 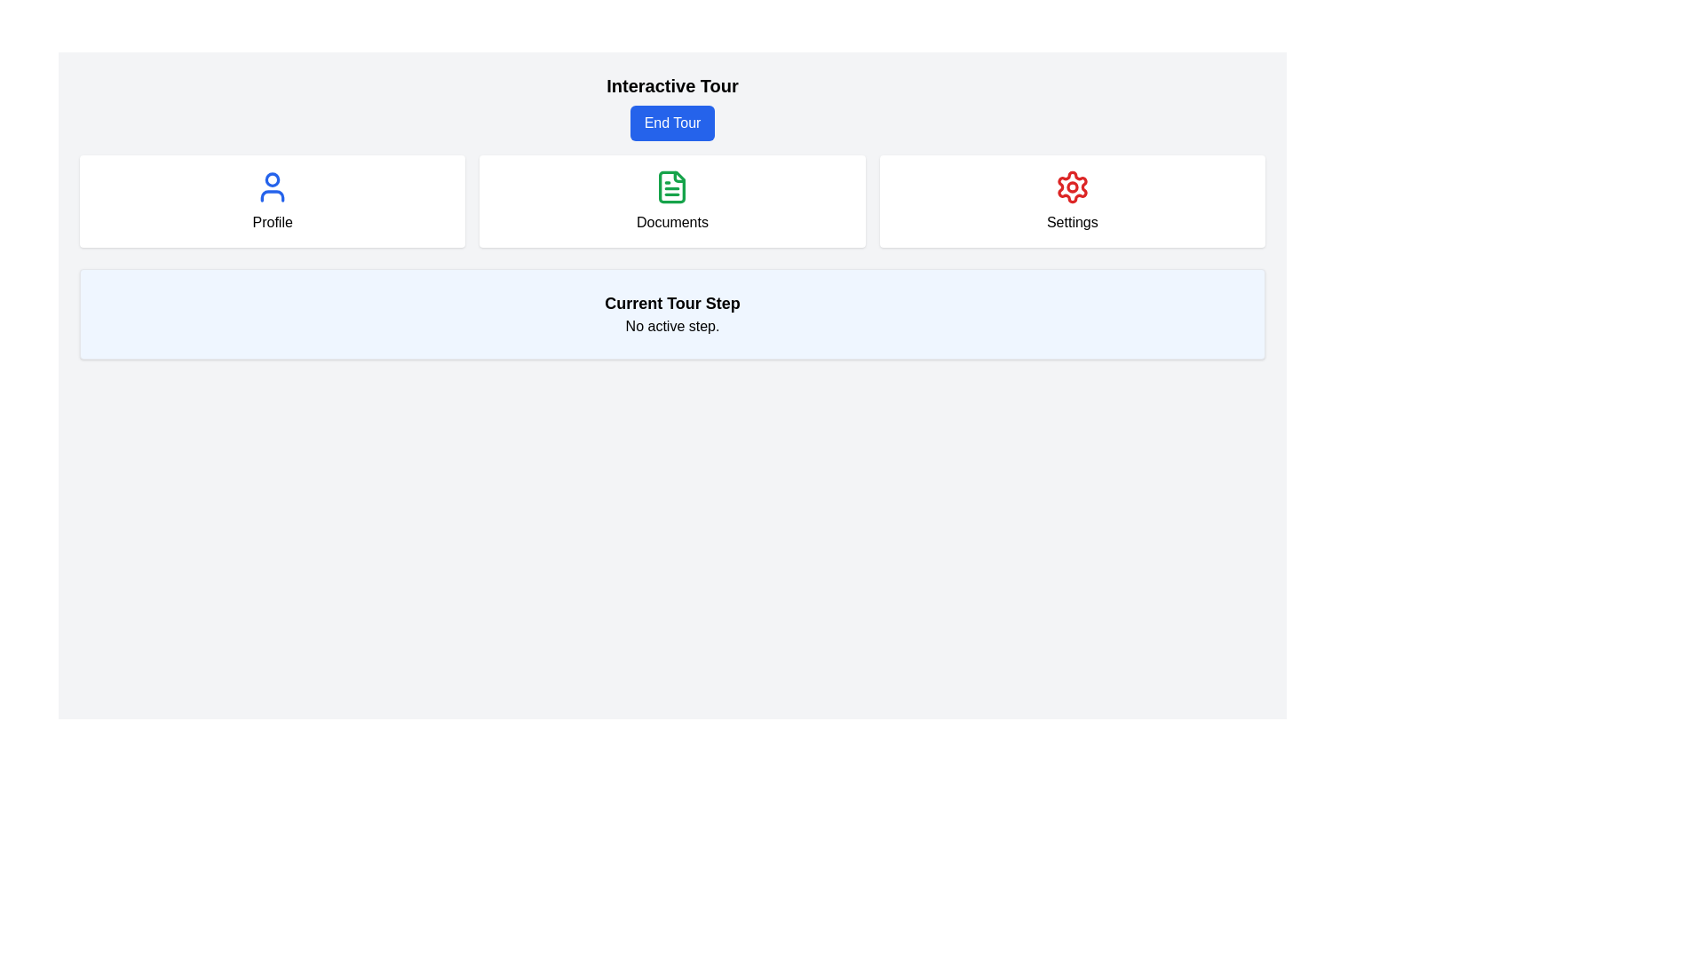 What do you see at coordinates (1071, 187) in the screenshot?
I see `the red gear-shaped icon representing settings functionality, located within the white rectangular card labeled 'Settings'` at bounding box center [1071, 187].